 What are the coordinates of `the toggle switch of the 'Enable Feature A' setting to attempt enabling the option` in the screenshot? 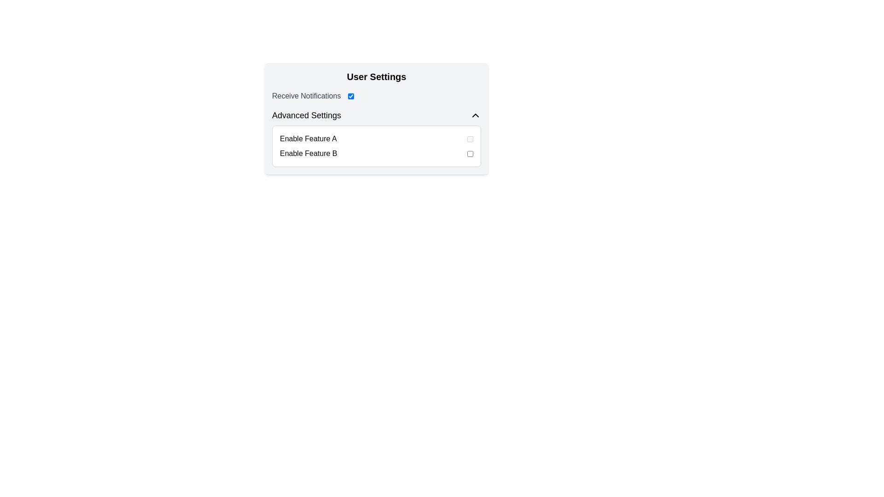 It's located at (376, 139).